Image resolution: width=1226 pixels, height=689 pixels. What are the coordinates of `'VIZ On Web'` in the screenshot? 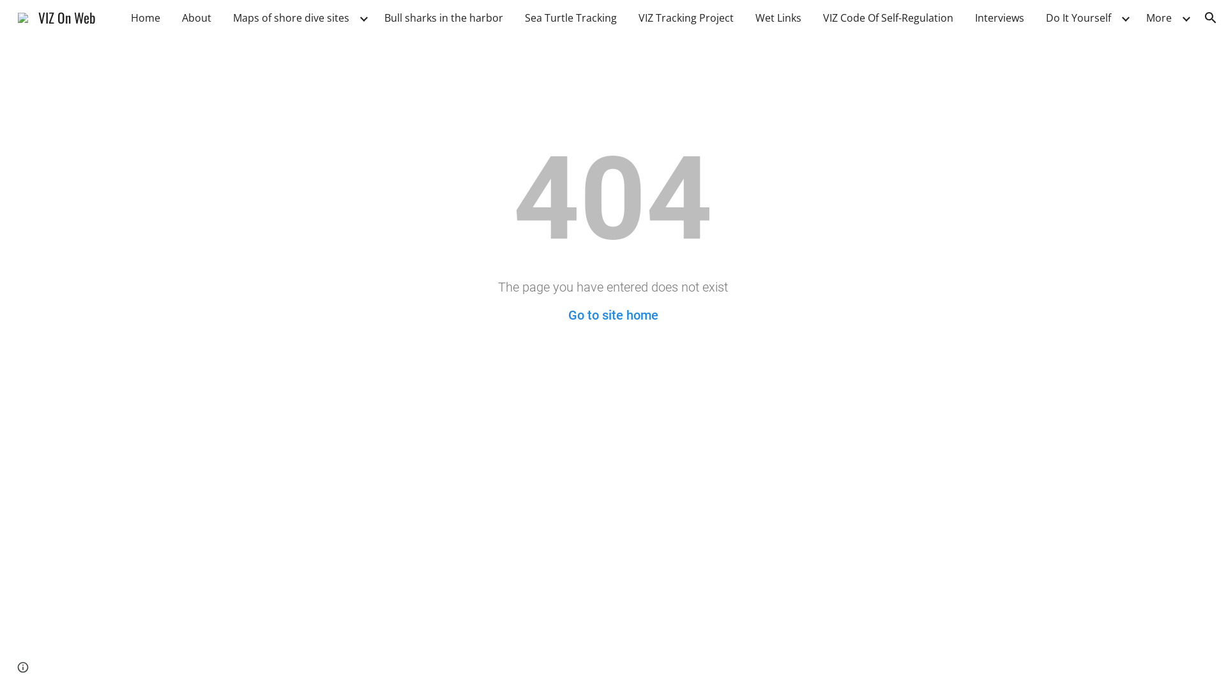 It's located at (10, 15).